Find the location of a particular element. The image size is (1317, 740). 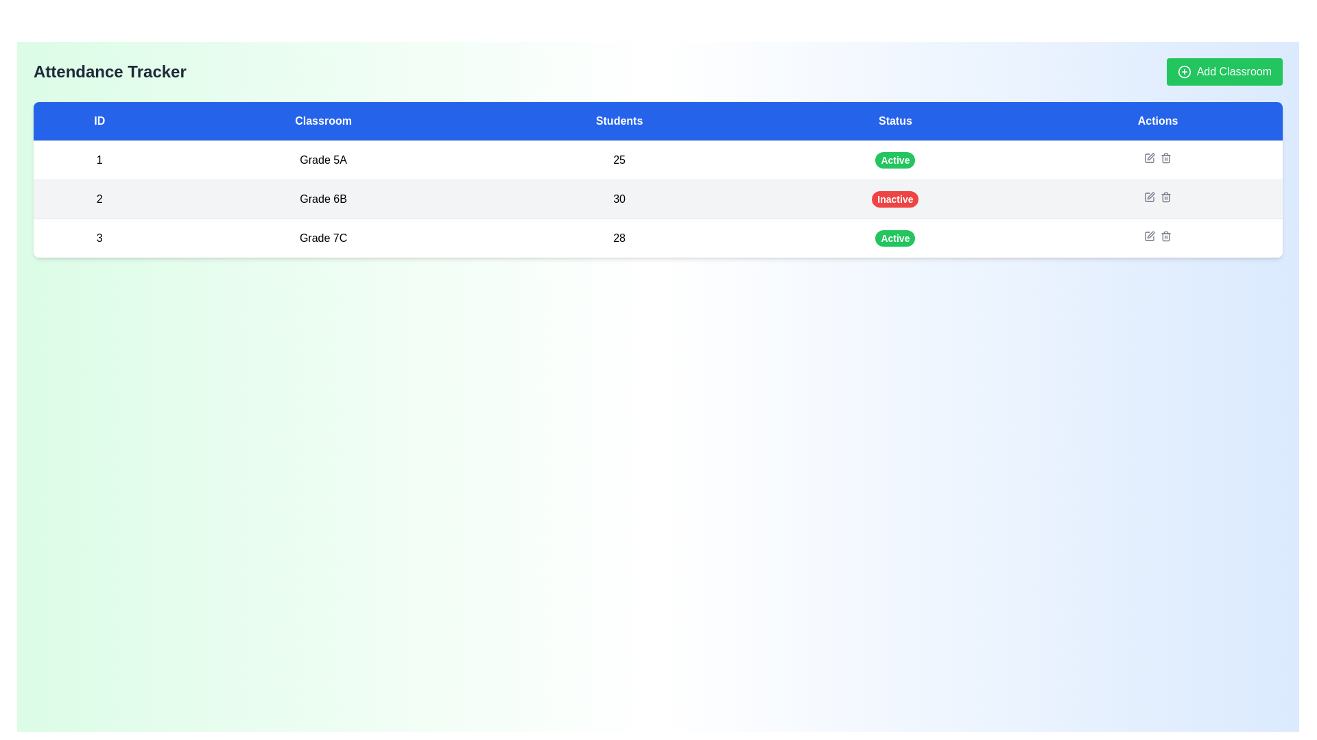

the static table cell displaying the student count for 'Grade 5A' is located at coordinates (619, 160).